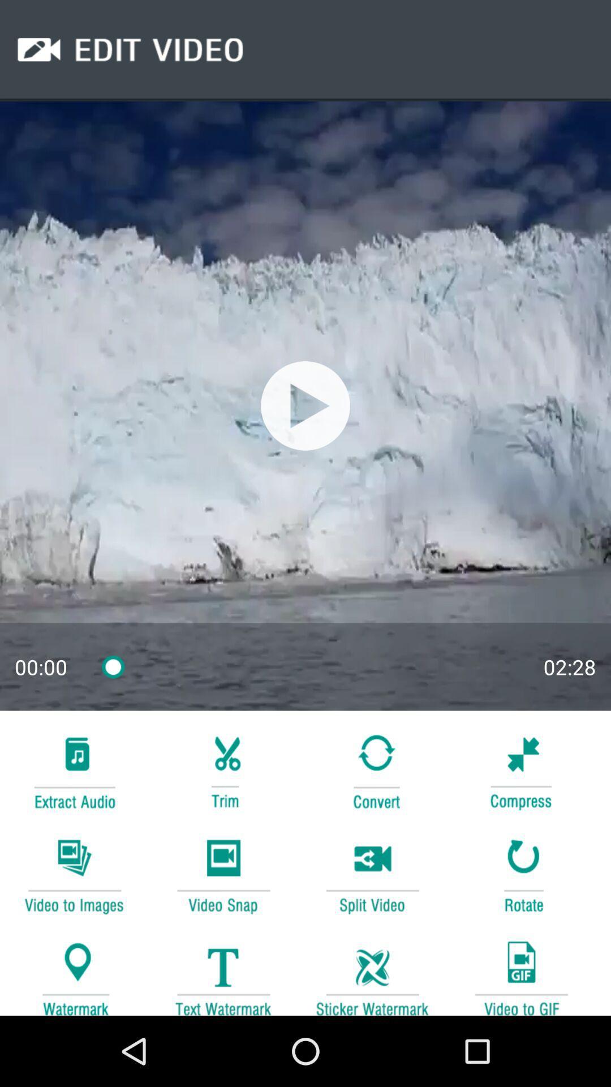  Describe the element at coordinates (74, 770) in the screenshot. I see `extract audio` at that location.